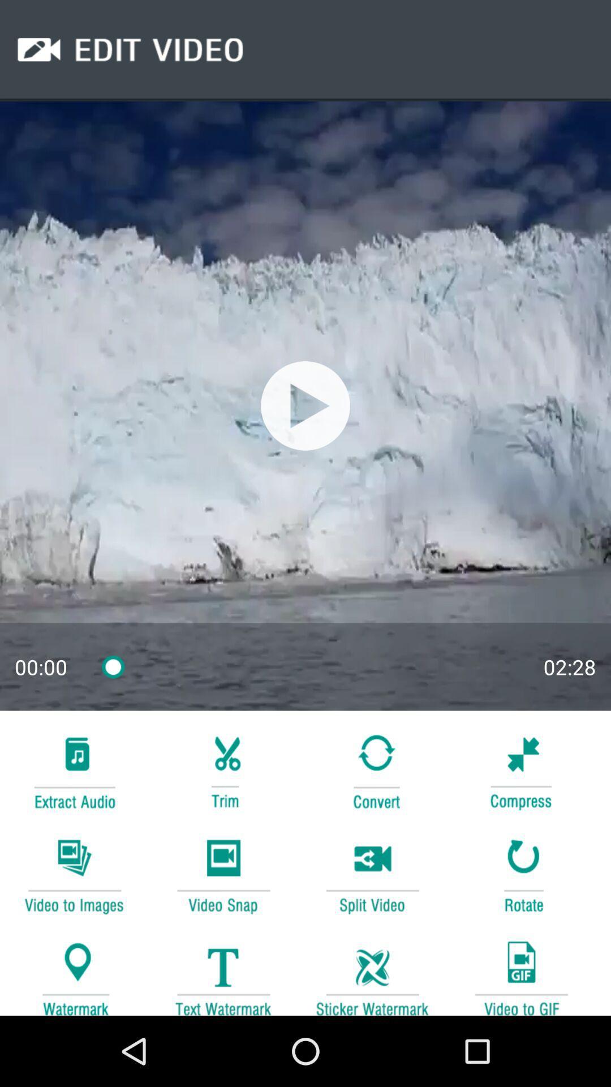  Describe the element at coordinates (74, 770) in the screenshot. I see `extract audio` at that location.